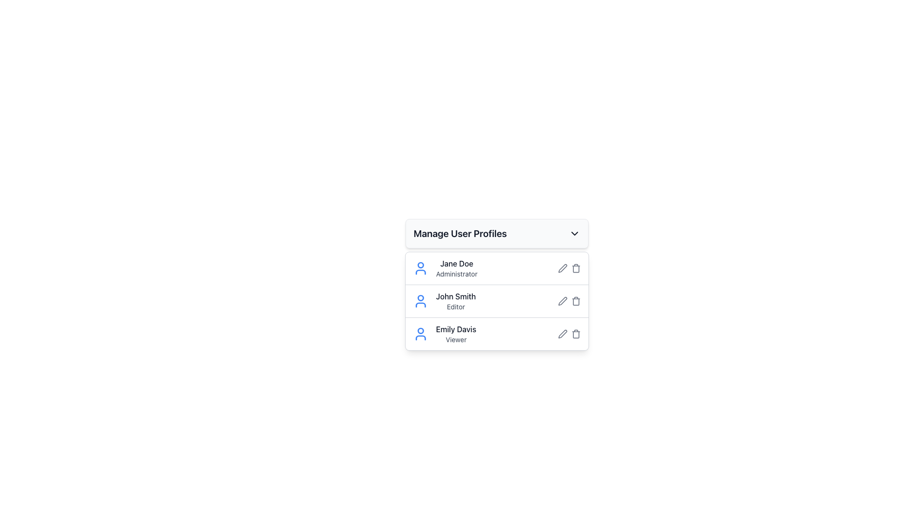 The height and width of the screenshot is (514, 915). Describe the element at coordinates (456, 274) in the screenshot. I see `the static label or descriptor text that indicates the user role associated with the 'Jane Doe' profile, located beneath the name in the user profiles list` at that location.